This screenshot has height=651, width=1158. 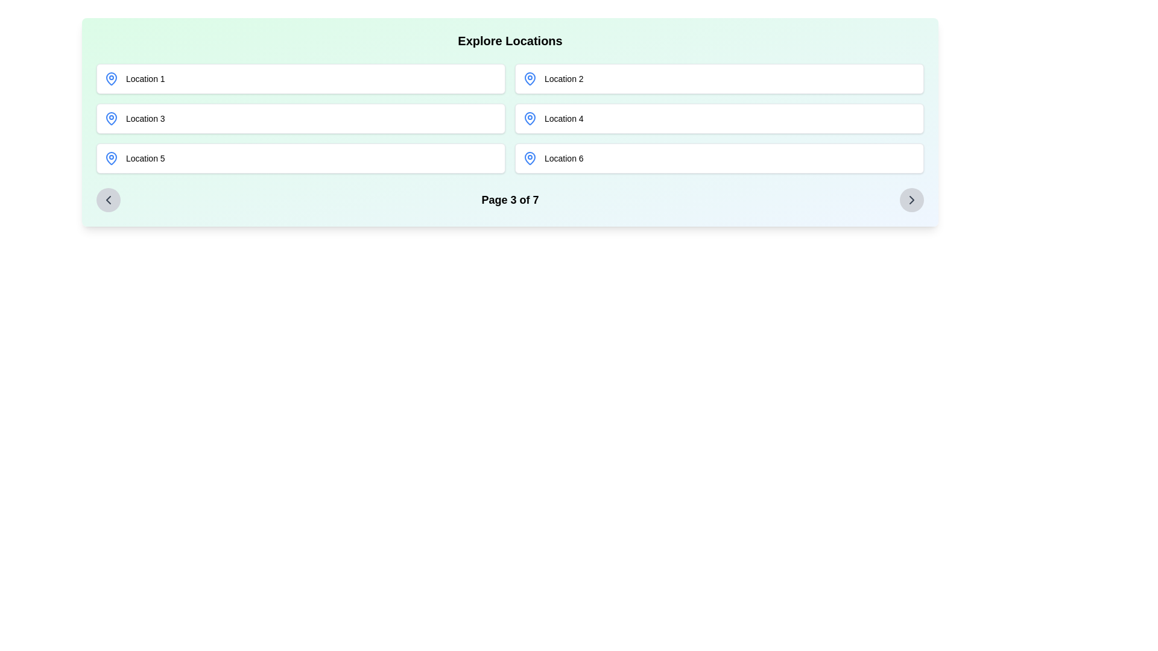 What do you see at coordinates (109, 199) in the screenshot?
I see `the leftward pointing arrow SVG icon embedded within the circular button in the bottom-left corner` at bounding box center [109, 199].